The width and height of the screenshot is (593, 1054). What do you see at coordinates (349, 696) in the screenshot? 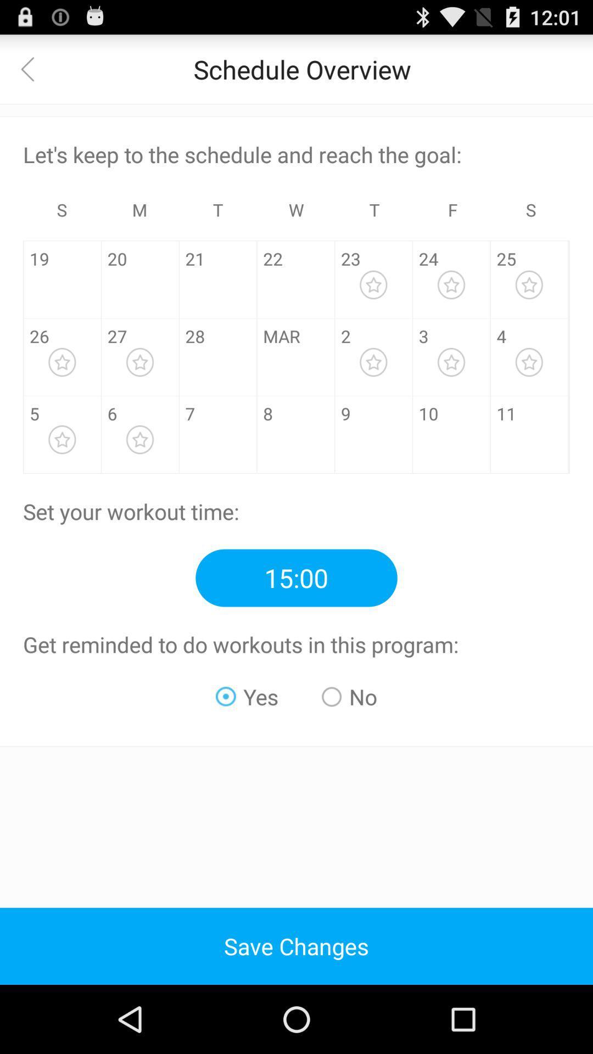
I see `the no radio button` at bounding box center [349, 696].